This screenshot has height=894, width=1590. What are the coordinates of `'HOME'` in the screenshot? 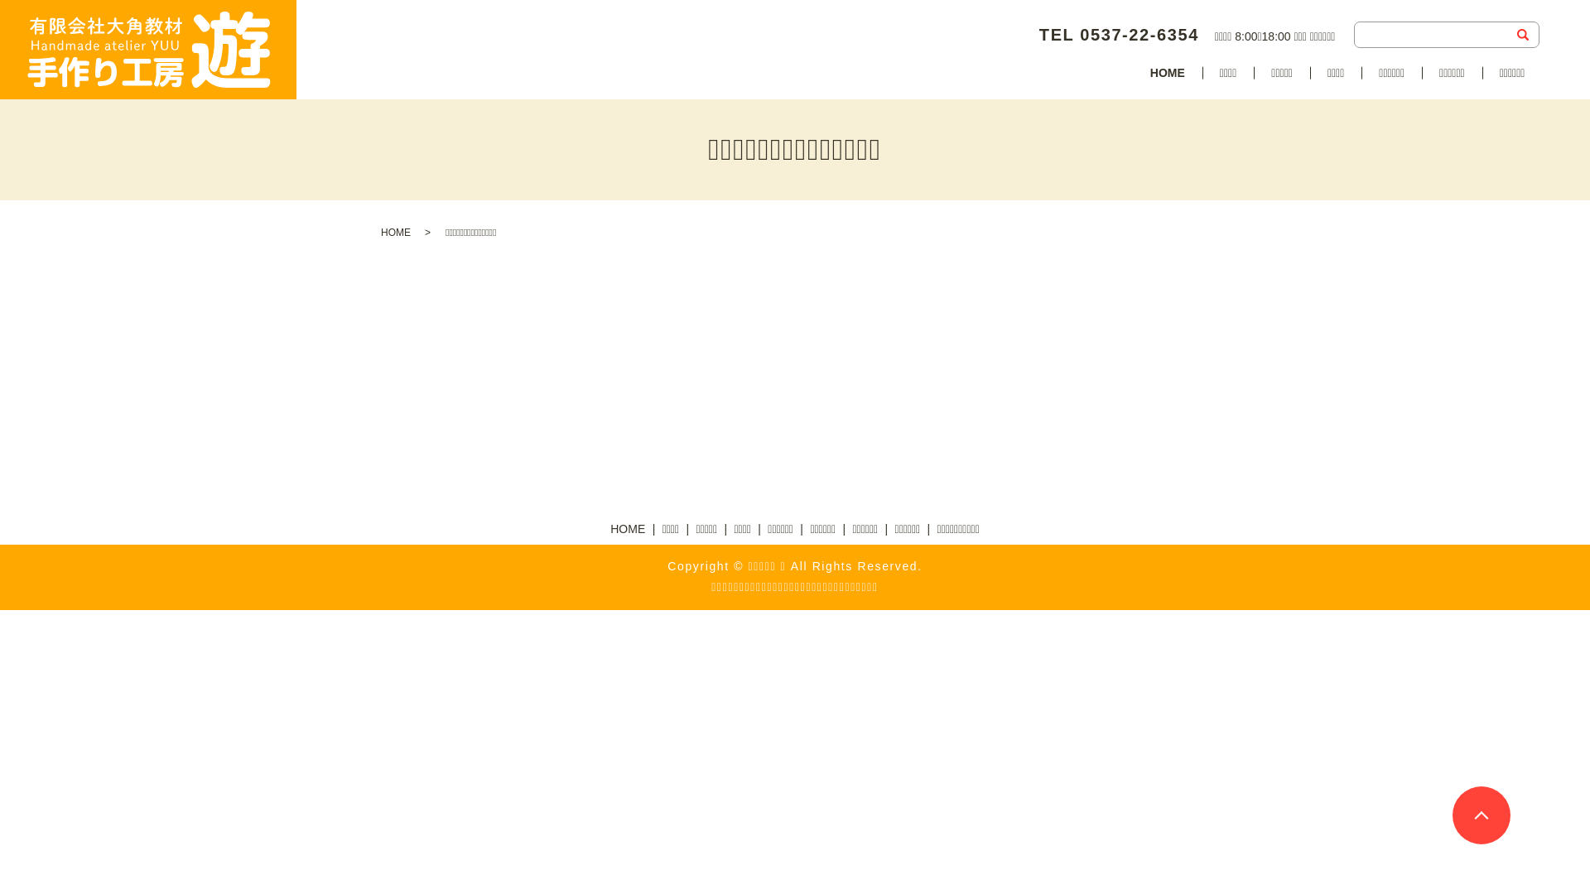 It's located at (606, 529).